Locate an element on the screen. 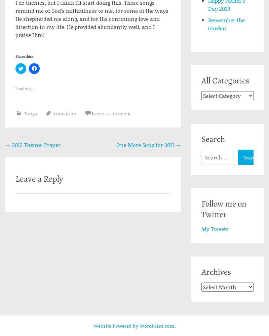 The height and width of the screenshot is (336, 269). 'Archives' is located at coordinates (216, 272).